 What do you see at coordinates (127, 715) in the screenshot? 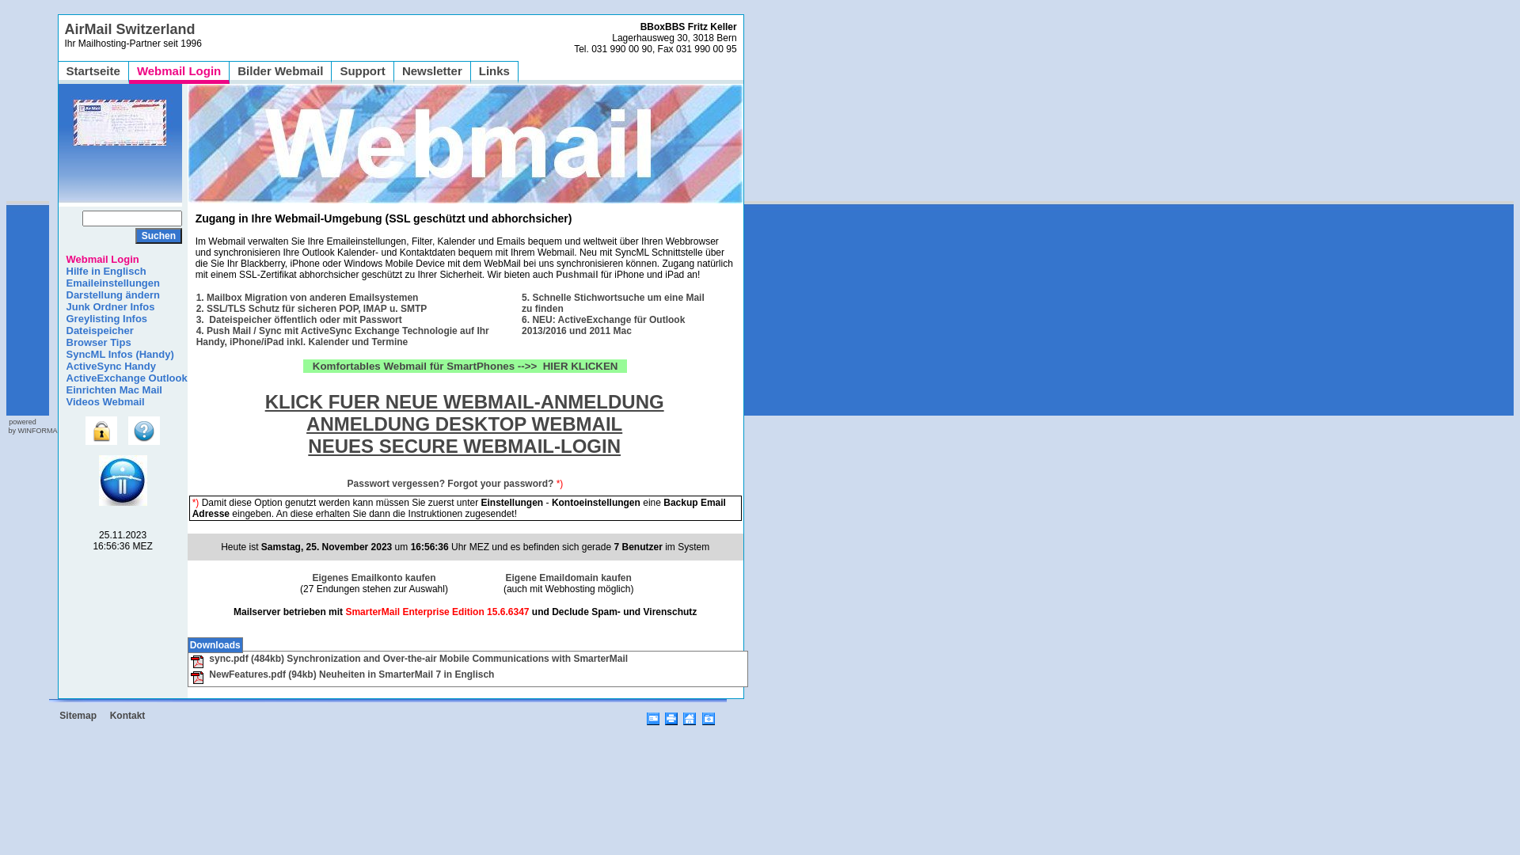
I see `'Kontakt'` at bounding box center [127, 715].